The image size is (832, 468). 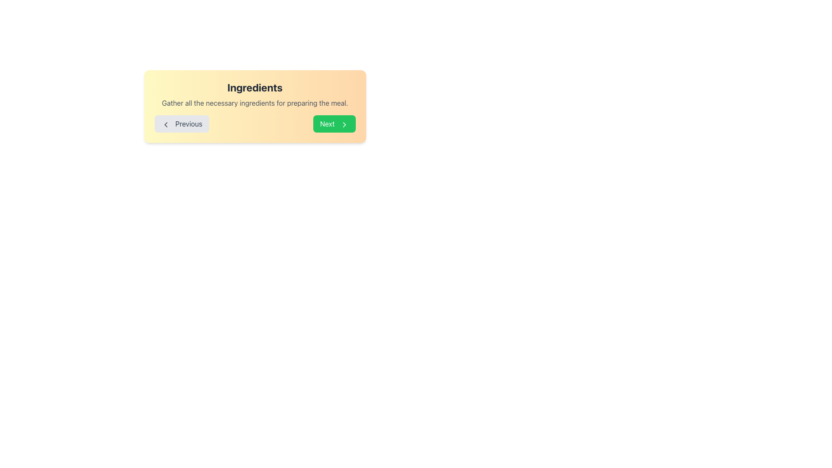 I want to click on the text label providing instructions related to the ingredients necessary for meal preparation, located directly below the 'Ingredients' heading, so click(x=254, y=103).